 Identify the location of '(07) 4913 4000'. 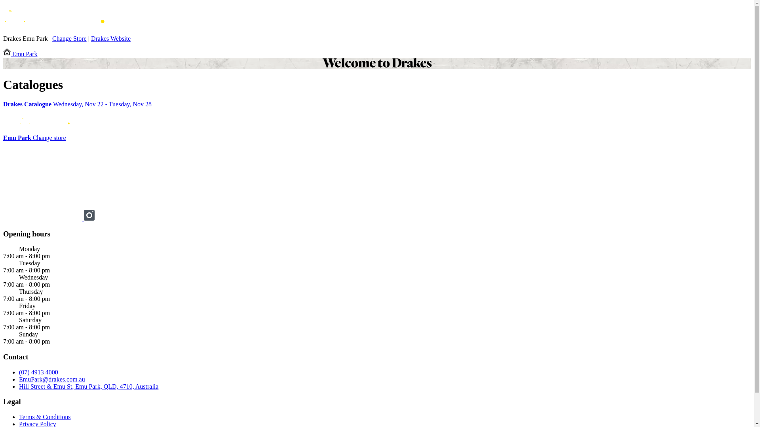
(38, 372).